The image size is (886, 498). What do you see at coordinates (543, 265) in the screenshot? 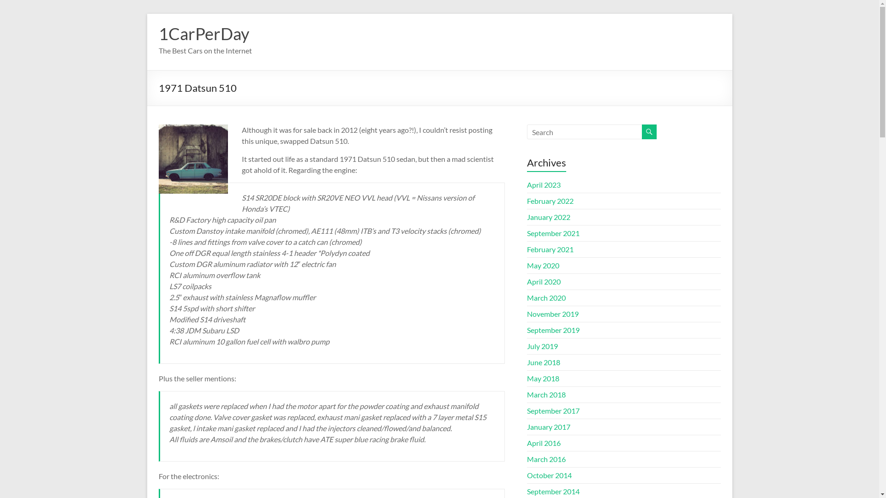
I see `'May 2020'` at bounding box center [543, 265].